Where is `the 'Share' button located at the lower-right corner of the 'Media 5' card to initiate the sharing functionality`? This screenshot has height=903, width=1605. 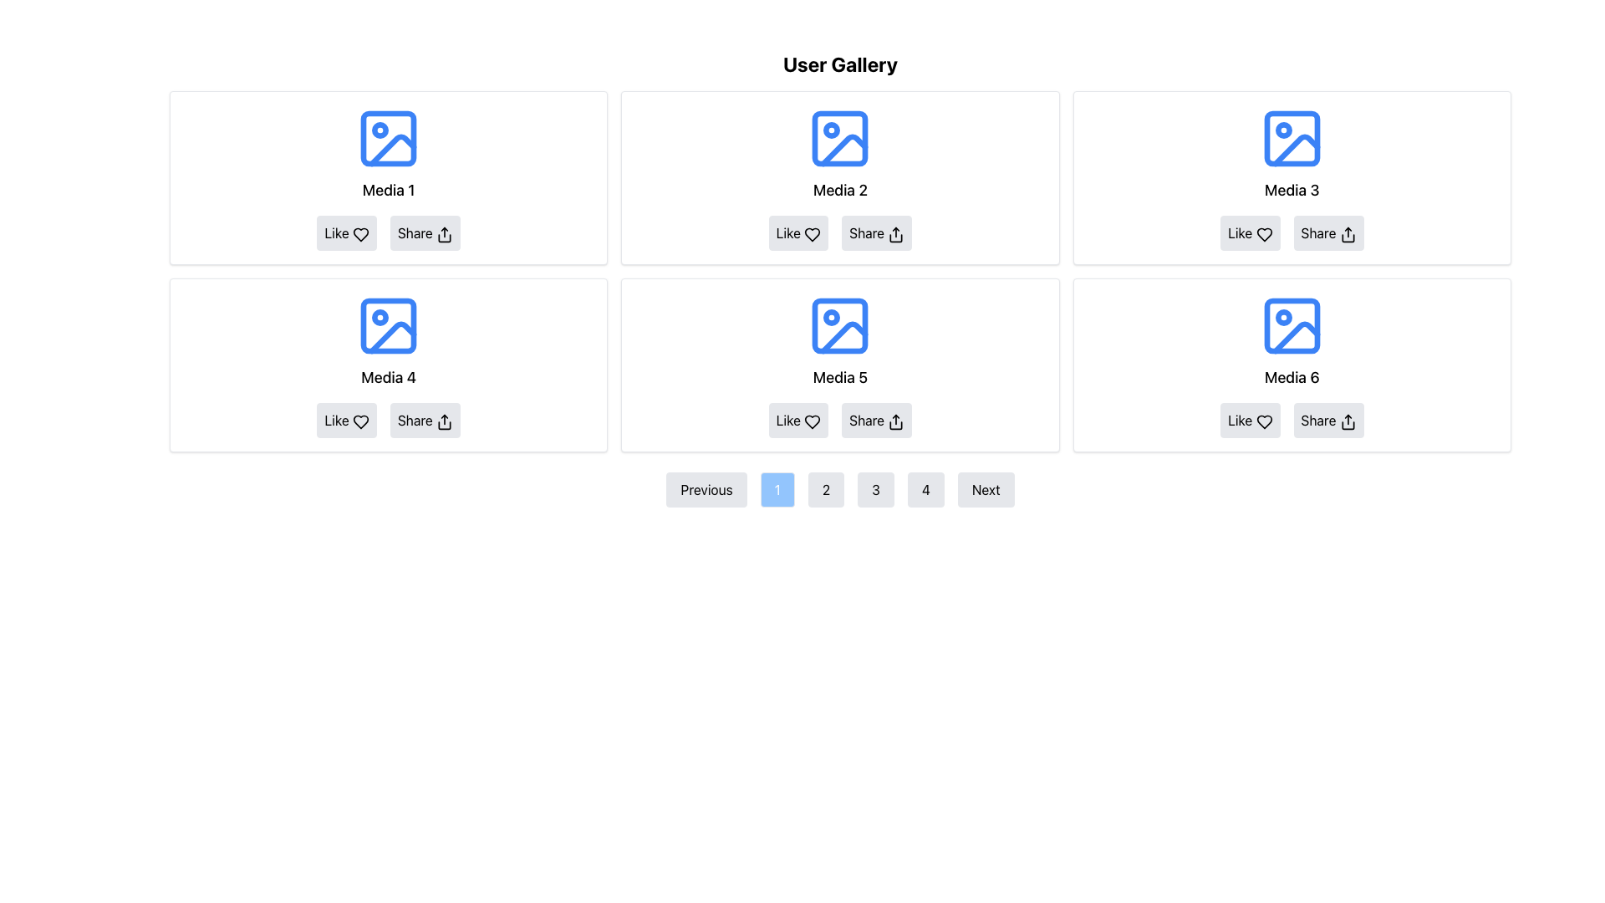 the 'Share' button located at the lower-right corner of the 'Media 5' card to initiate the sharing functionality is located at coordinates (876, 419).